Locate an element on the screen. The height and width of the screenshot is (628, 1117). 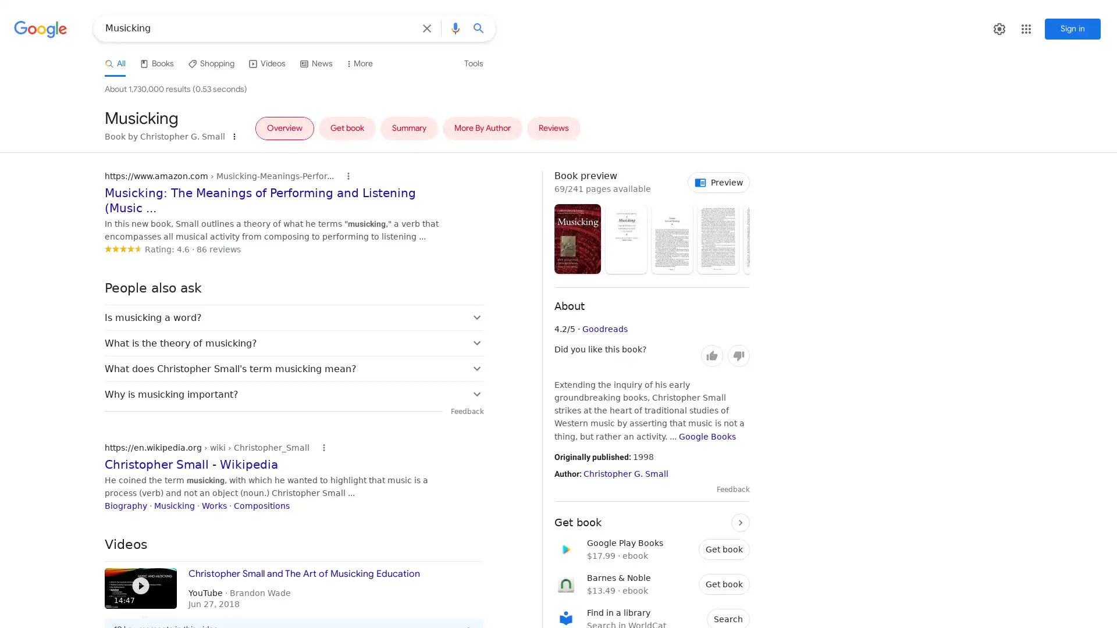
Tools is located at coordinates (474, 63).